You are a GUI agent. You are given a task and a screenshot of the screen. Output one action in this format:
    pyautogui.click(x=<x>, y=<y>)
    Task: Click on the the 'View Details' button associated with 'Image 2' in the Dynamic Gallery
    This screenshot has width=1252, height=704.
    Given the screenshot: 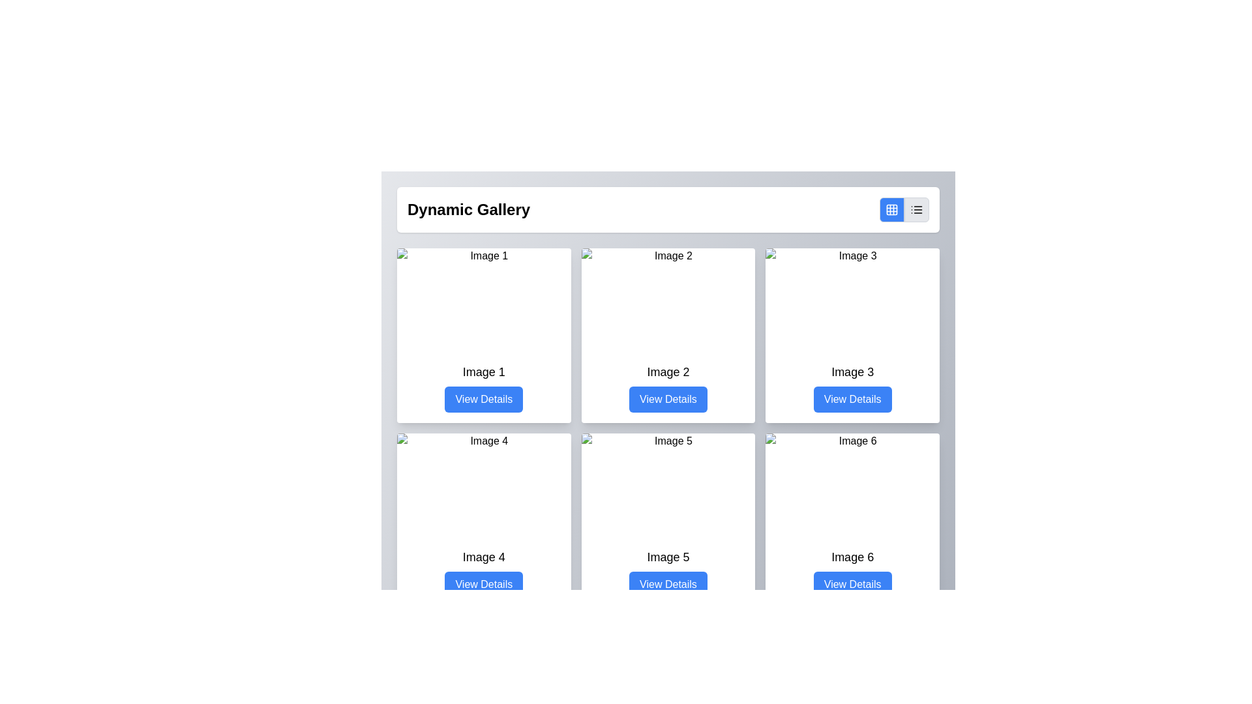 What is the action you would take?
    pyautogui.click(x=668, y=399)
    